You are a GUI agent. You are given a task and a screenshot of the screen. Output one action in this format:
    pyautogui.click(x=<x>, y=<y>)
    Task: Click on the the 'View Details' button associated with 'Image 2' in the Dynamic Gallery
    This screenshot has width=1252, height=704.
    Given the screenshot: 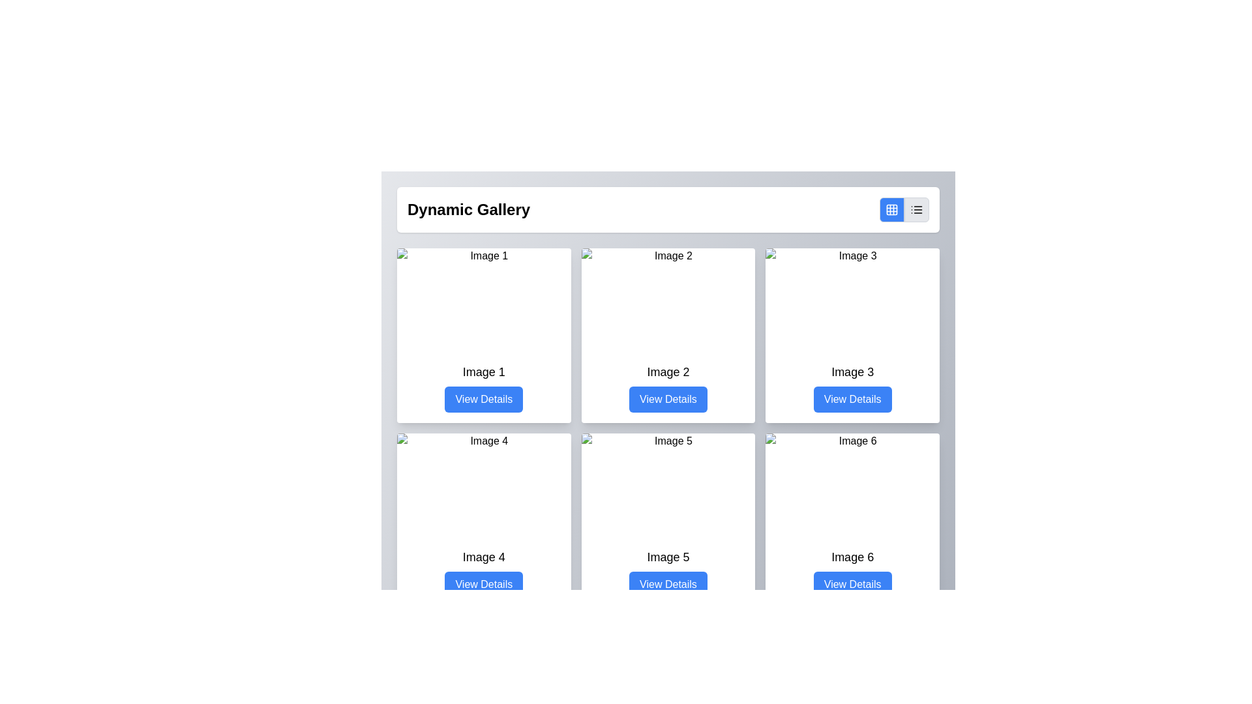 What is the action you would take?
    pyautogui.click(x=668, y=399)
    